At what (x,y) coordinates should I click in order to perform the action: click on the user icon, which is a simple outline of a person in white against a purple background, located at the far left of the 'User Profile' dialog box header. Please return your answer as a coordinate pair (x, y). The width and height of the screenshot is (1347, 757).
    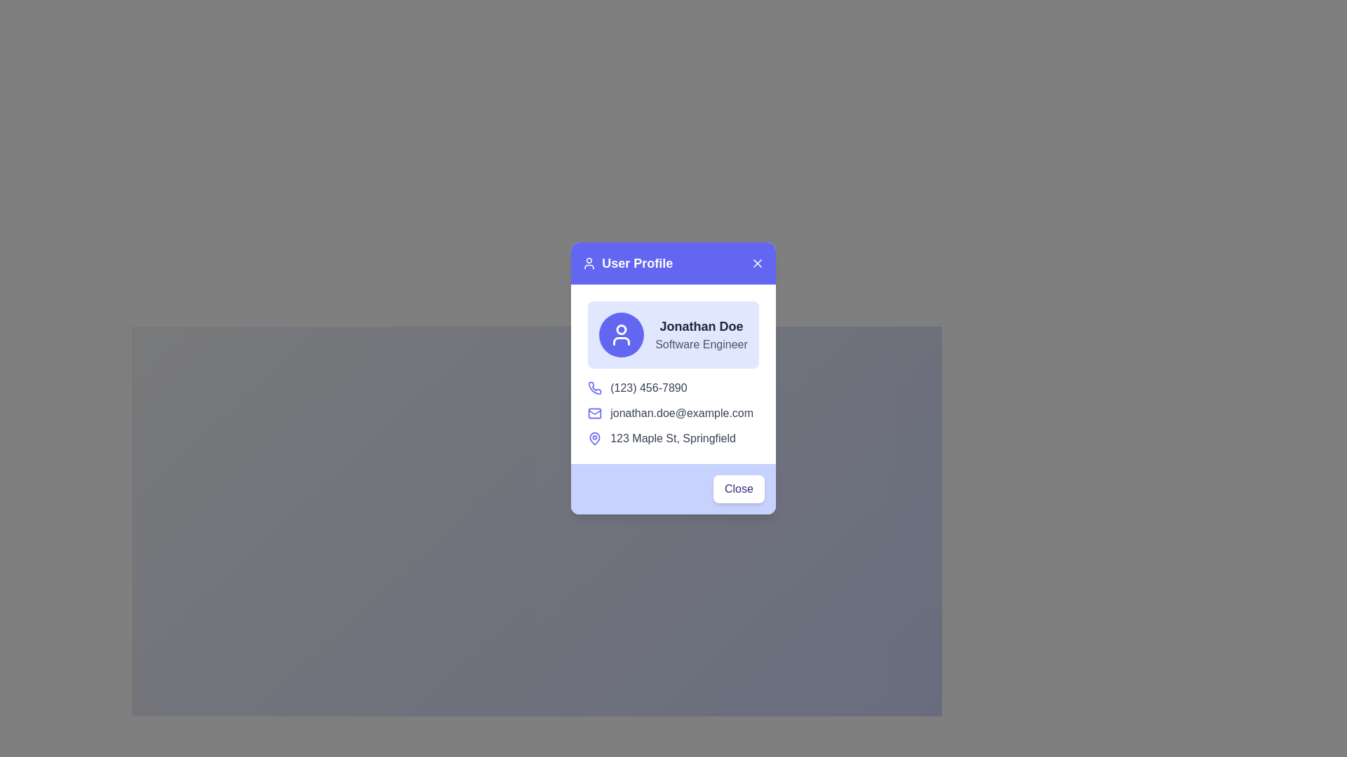
    Looking at the image, I should click on (589, 263).